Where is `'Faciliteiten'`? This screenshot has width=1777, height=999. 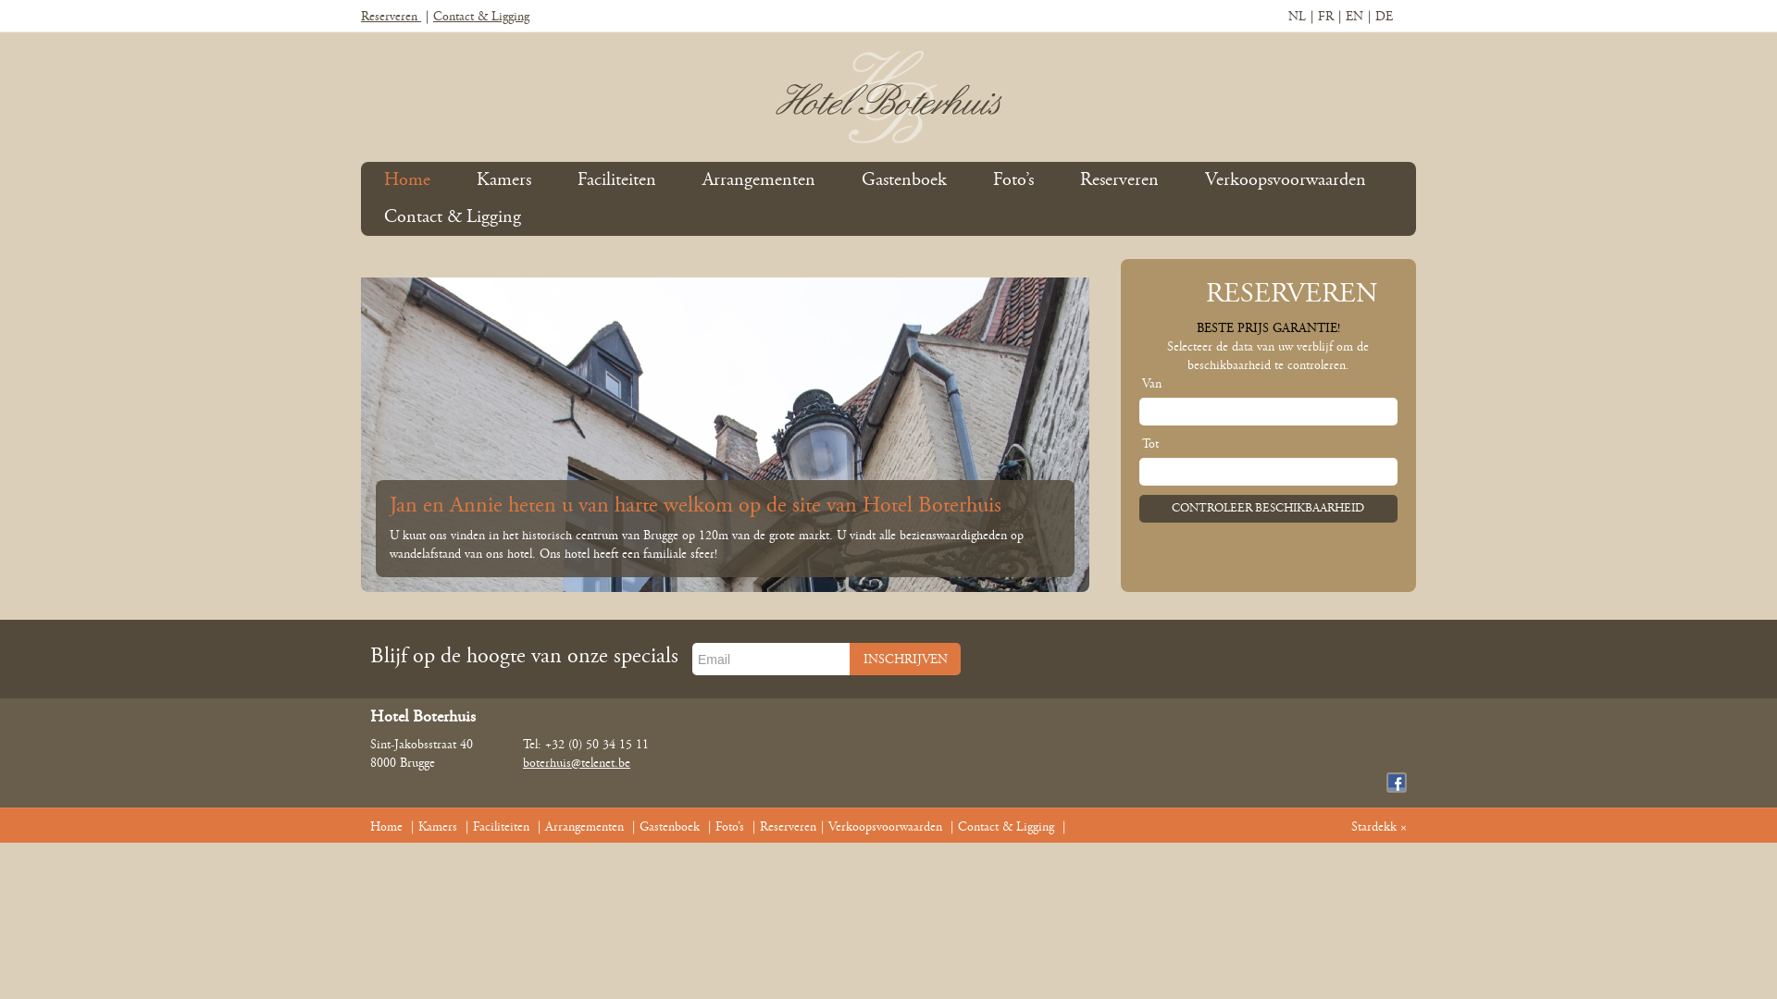
'Faciliteiten' is located at coordinates (616, 180).